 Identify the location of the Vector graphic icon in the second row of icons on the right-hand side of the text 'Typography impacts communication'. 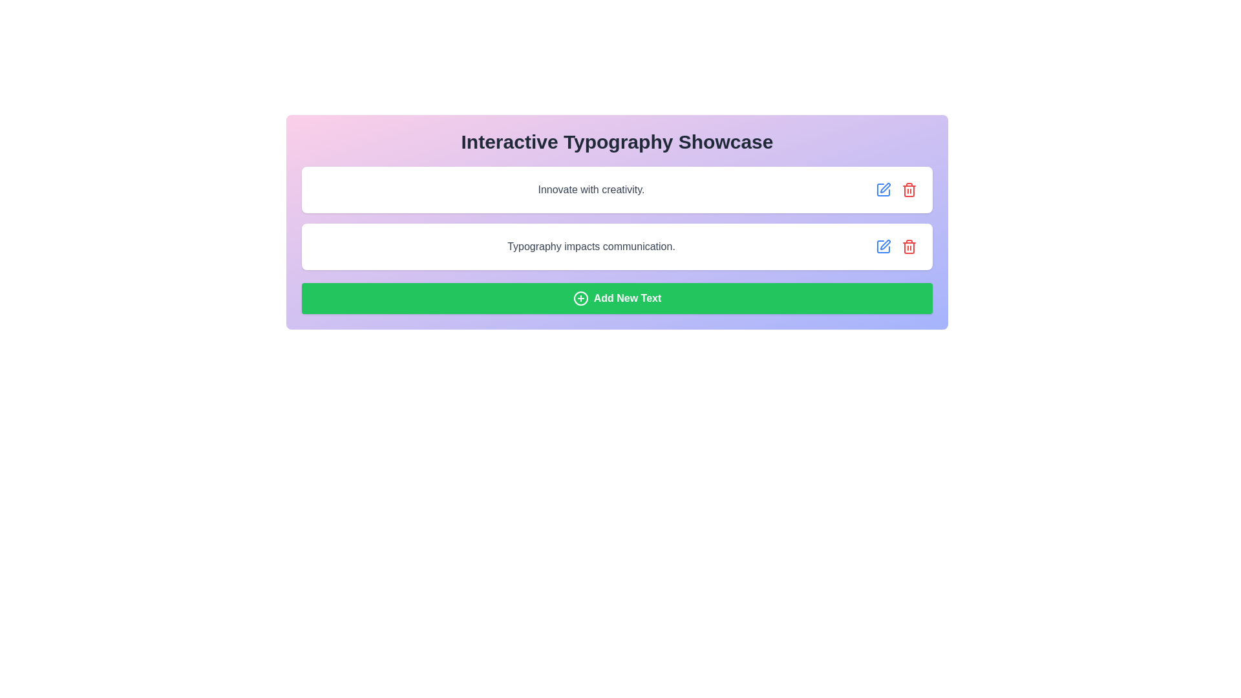
(883, 189).